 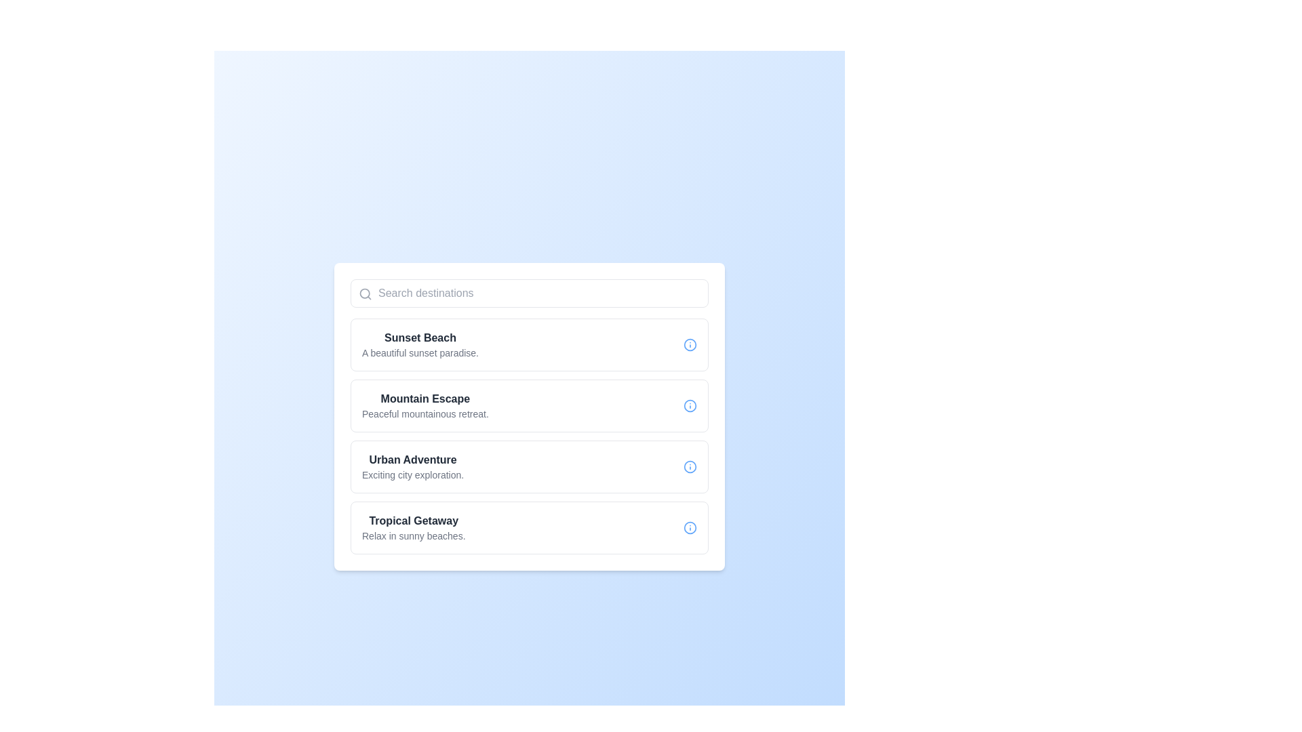 I want to click on the first list item titled 'Sunset Beach' to trigger any hover effects, so click(x=529, y=344).